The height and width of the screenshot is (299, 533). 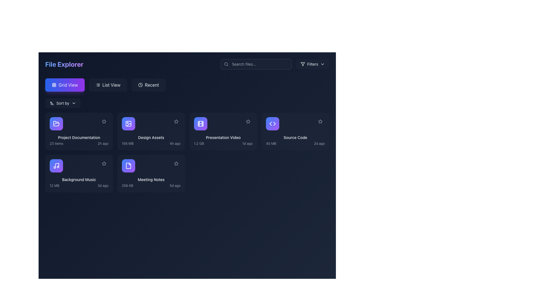 I want to click on the third button in the horizontal row, located between the 'List View' button and the file viewer section, so click(x=149, y=85).